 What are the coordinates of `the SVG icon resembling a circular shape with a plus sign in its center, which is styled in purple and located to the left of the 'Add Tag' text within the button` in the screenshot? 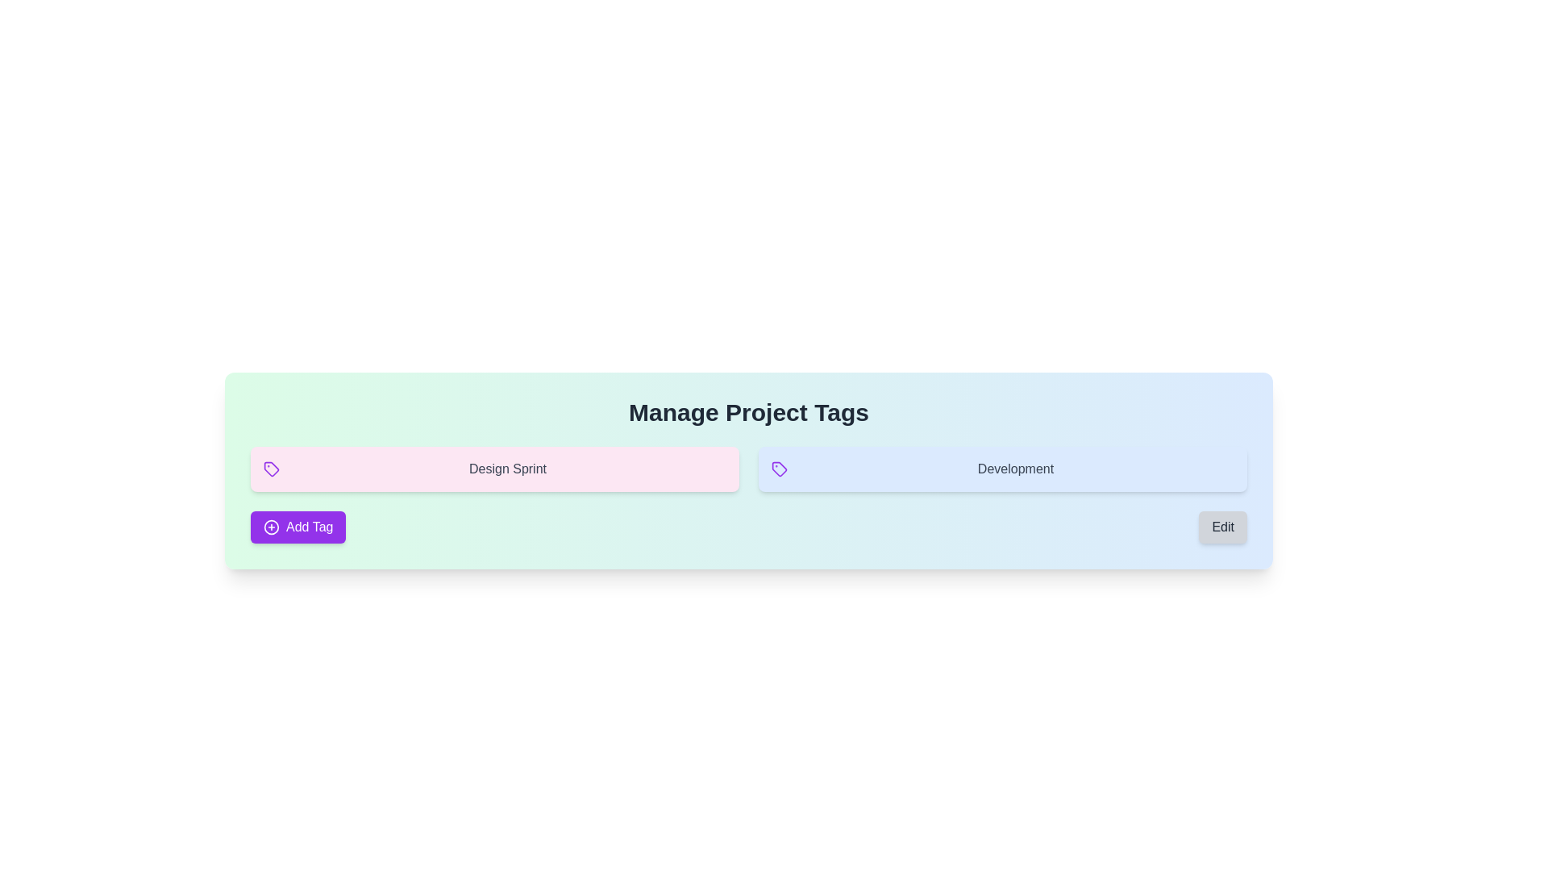 It's located at (271, 527).